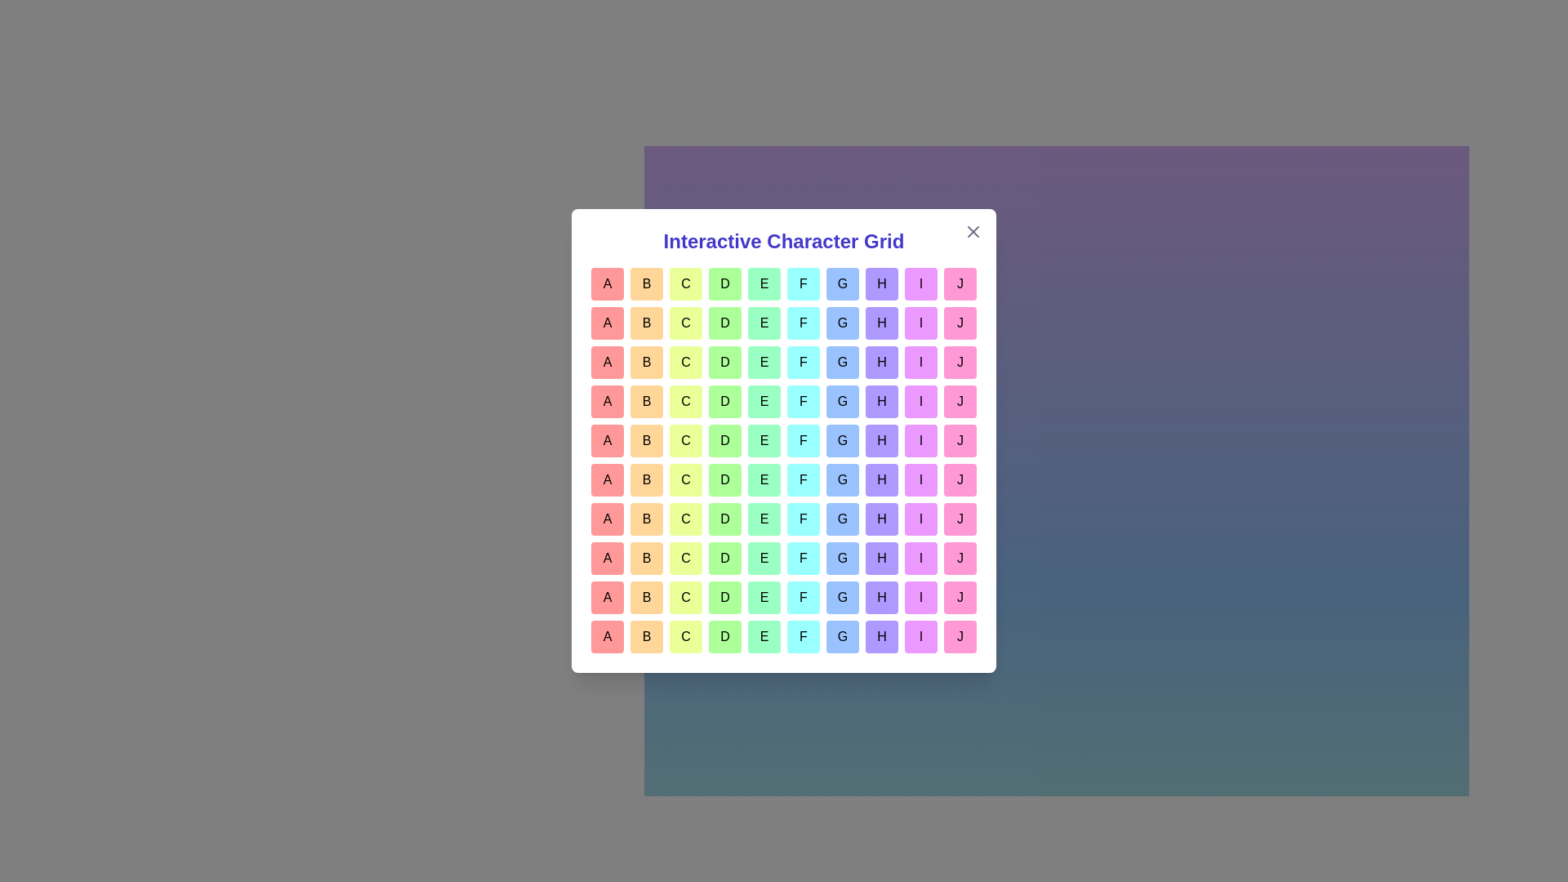  I want to click on the grid cell labeled F, so click(803, 283).